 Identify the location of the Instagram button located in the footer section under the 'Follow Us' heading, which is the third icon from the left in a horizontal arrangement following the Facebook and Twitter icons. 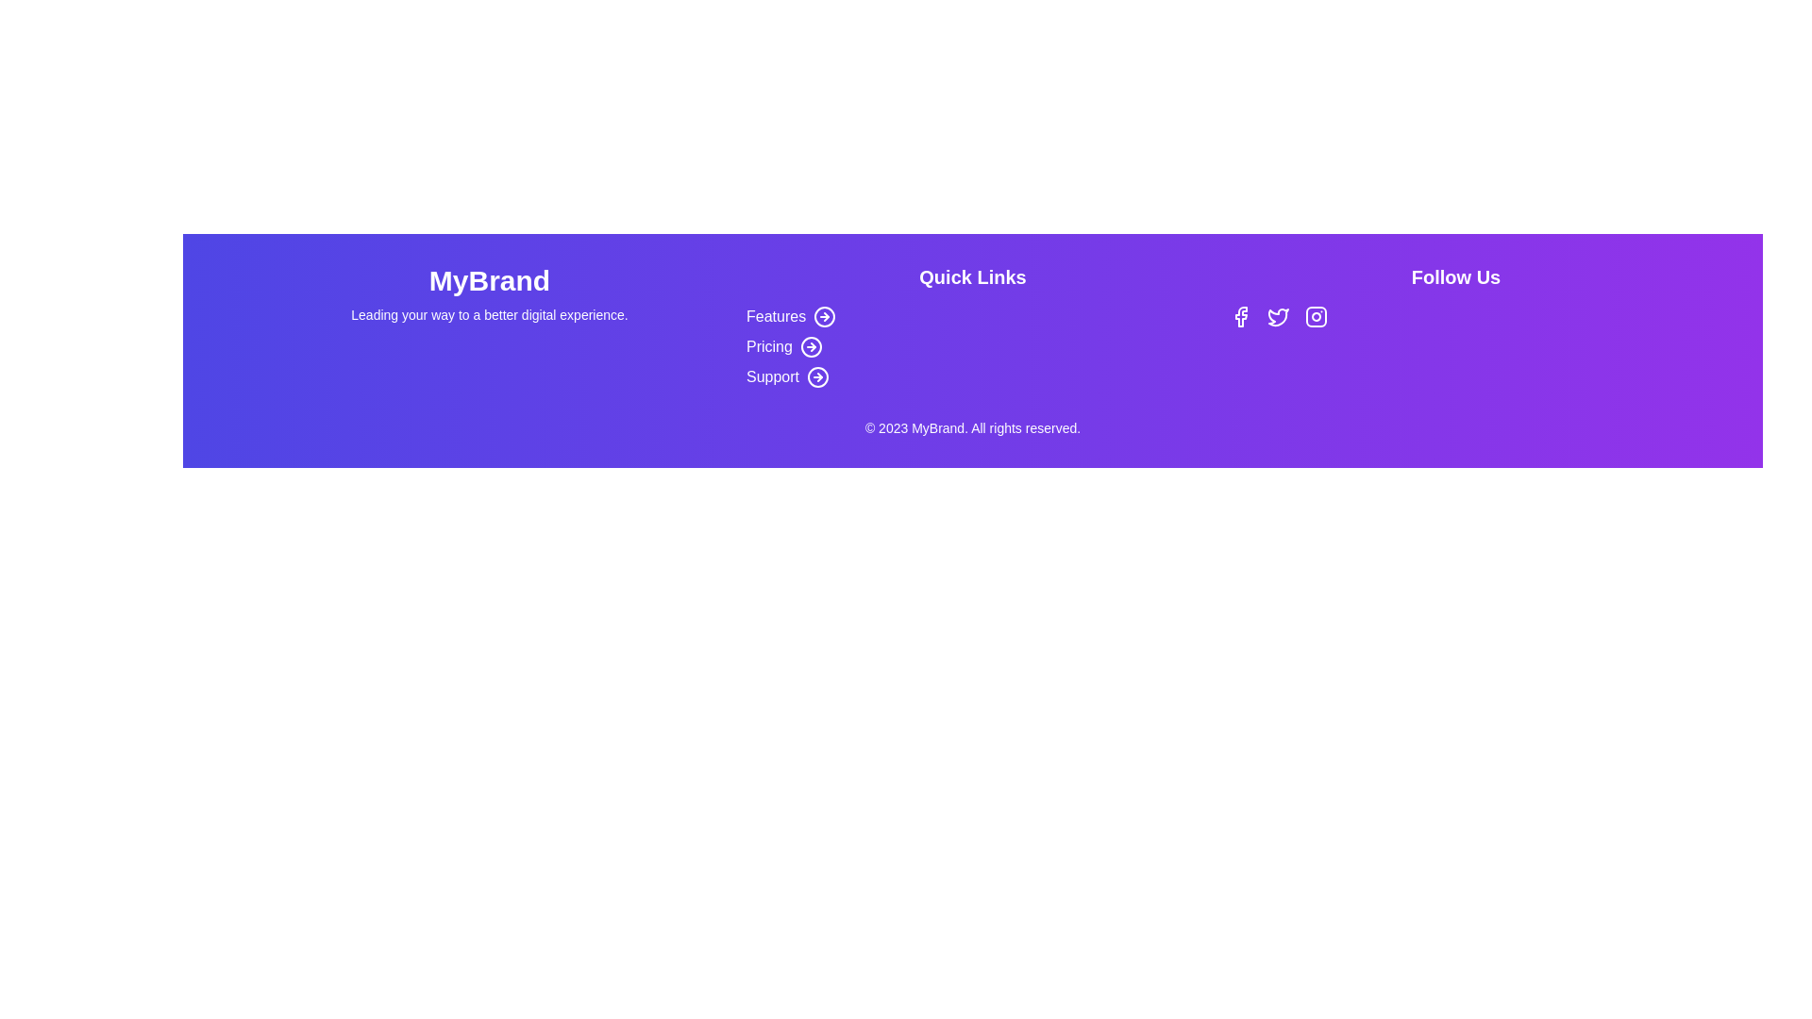
(1316, 315).